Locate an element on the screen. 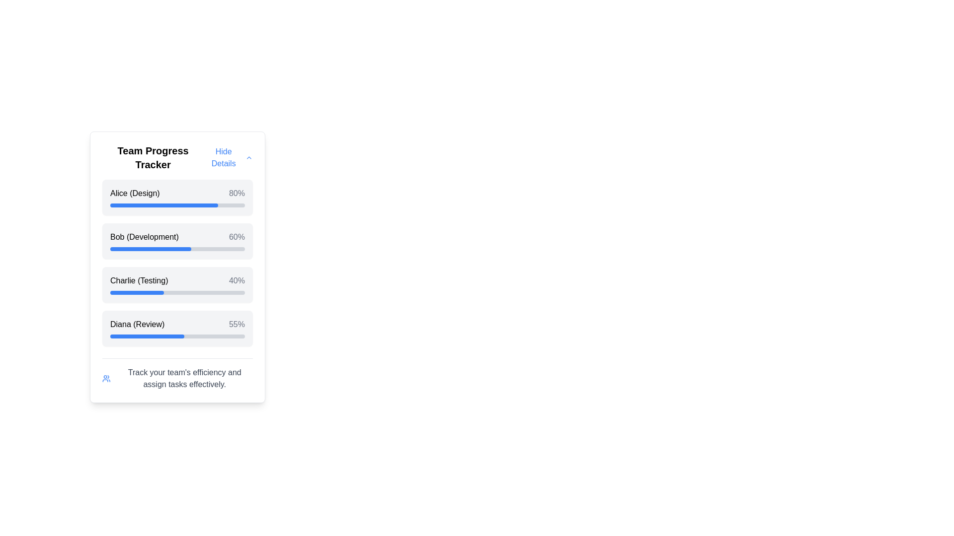  text content of the Text Label displaying '80%', which is styled in gray and positioned to the right of 'Alice (Design)' in the progress tracker is located at coordinates (236, 193).